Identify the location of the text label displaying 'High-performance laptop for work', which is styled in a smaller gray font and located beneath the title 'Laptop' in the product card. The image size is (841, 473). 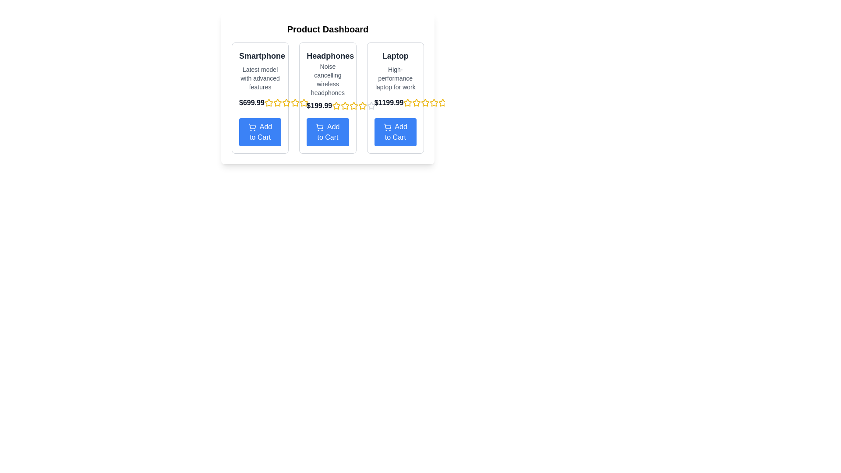
(395, 78).